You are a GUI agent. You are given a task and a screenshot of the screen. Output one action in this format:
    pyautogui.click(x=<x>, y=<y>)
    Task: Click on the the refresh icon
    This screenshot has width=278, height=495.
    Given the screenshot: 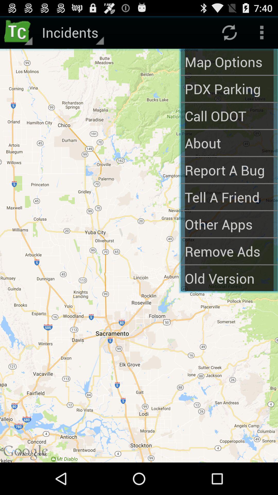 What is the action you would take?
    pyautogui.click(x=229, y=34)
    